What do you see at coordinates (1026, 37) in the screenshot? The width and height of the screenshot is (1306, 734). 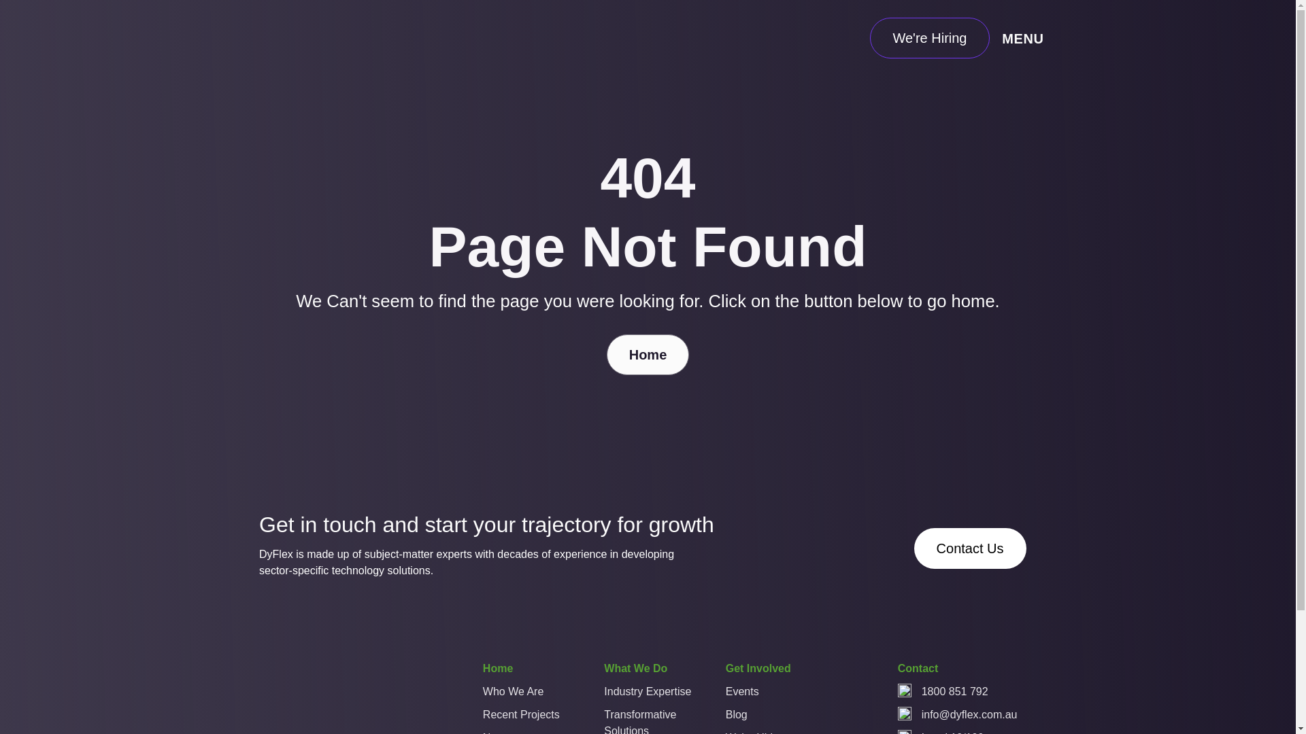 I see `'MENU` at bounding box center [1026, 37].